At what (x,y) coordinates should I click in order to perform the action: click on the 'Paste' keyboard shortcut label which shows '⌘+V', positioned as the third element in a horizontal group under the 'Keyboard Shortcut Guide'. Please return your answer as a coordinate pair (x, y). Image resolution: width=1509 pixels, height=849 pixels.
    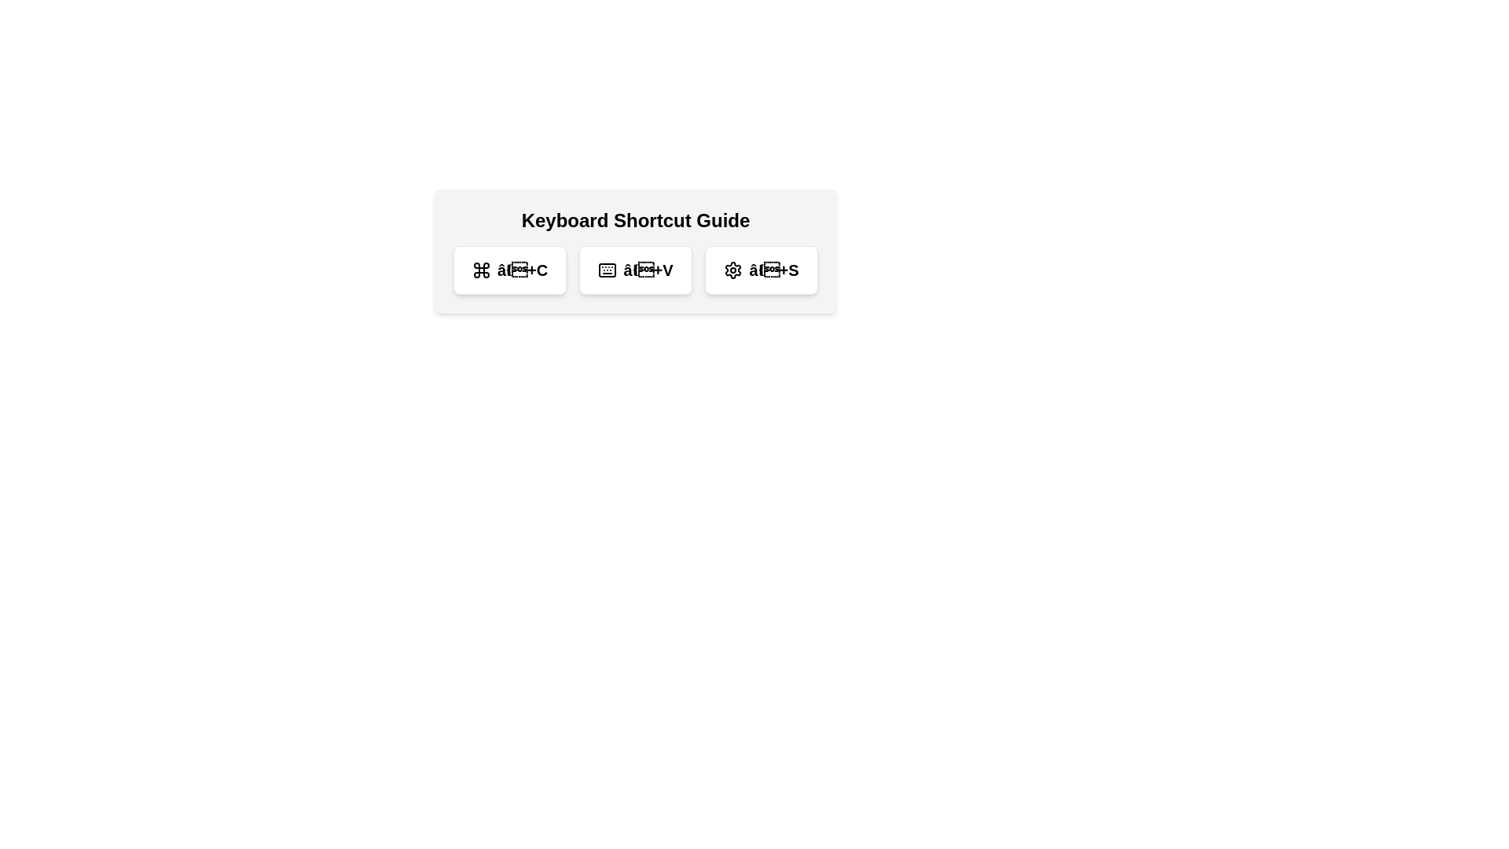
    Looking at the image, I should click on (648, 269).